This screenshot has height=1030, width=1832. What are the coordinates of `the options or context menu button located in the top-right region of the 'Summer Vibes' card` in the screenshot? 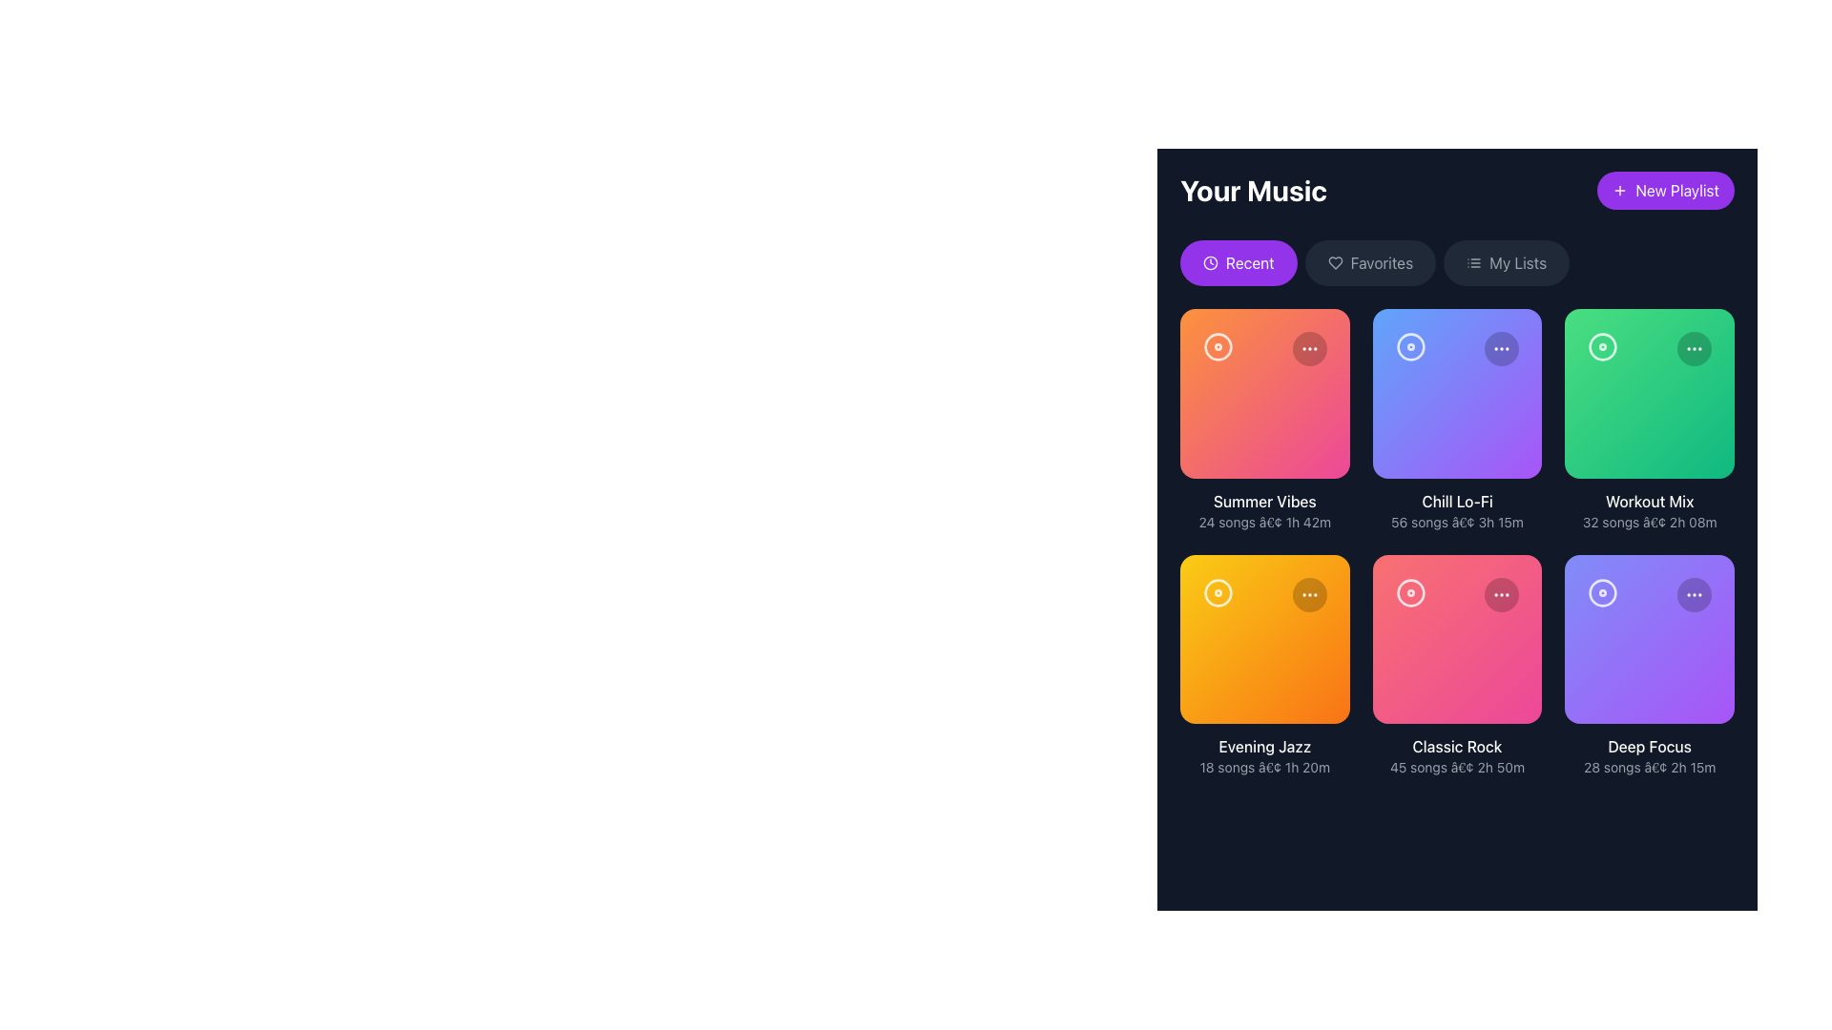 It's located at (1308, 349).